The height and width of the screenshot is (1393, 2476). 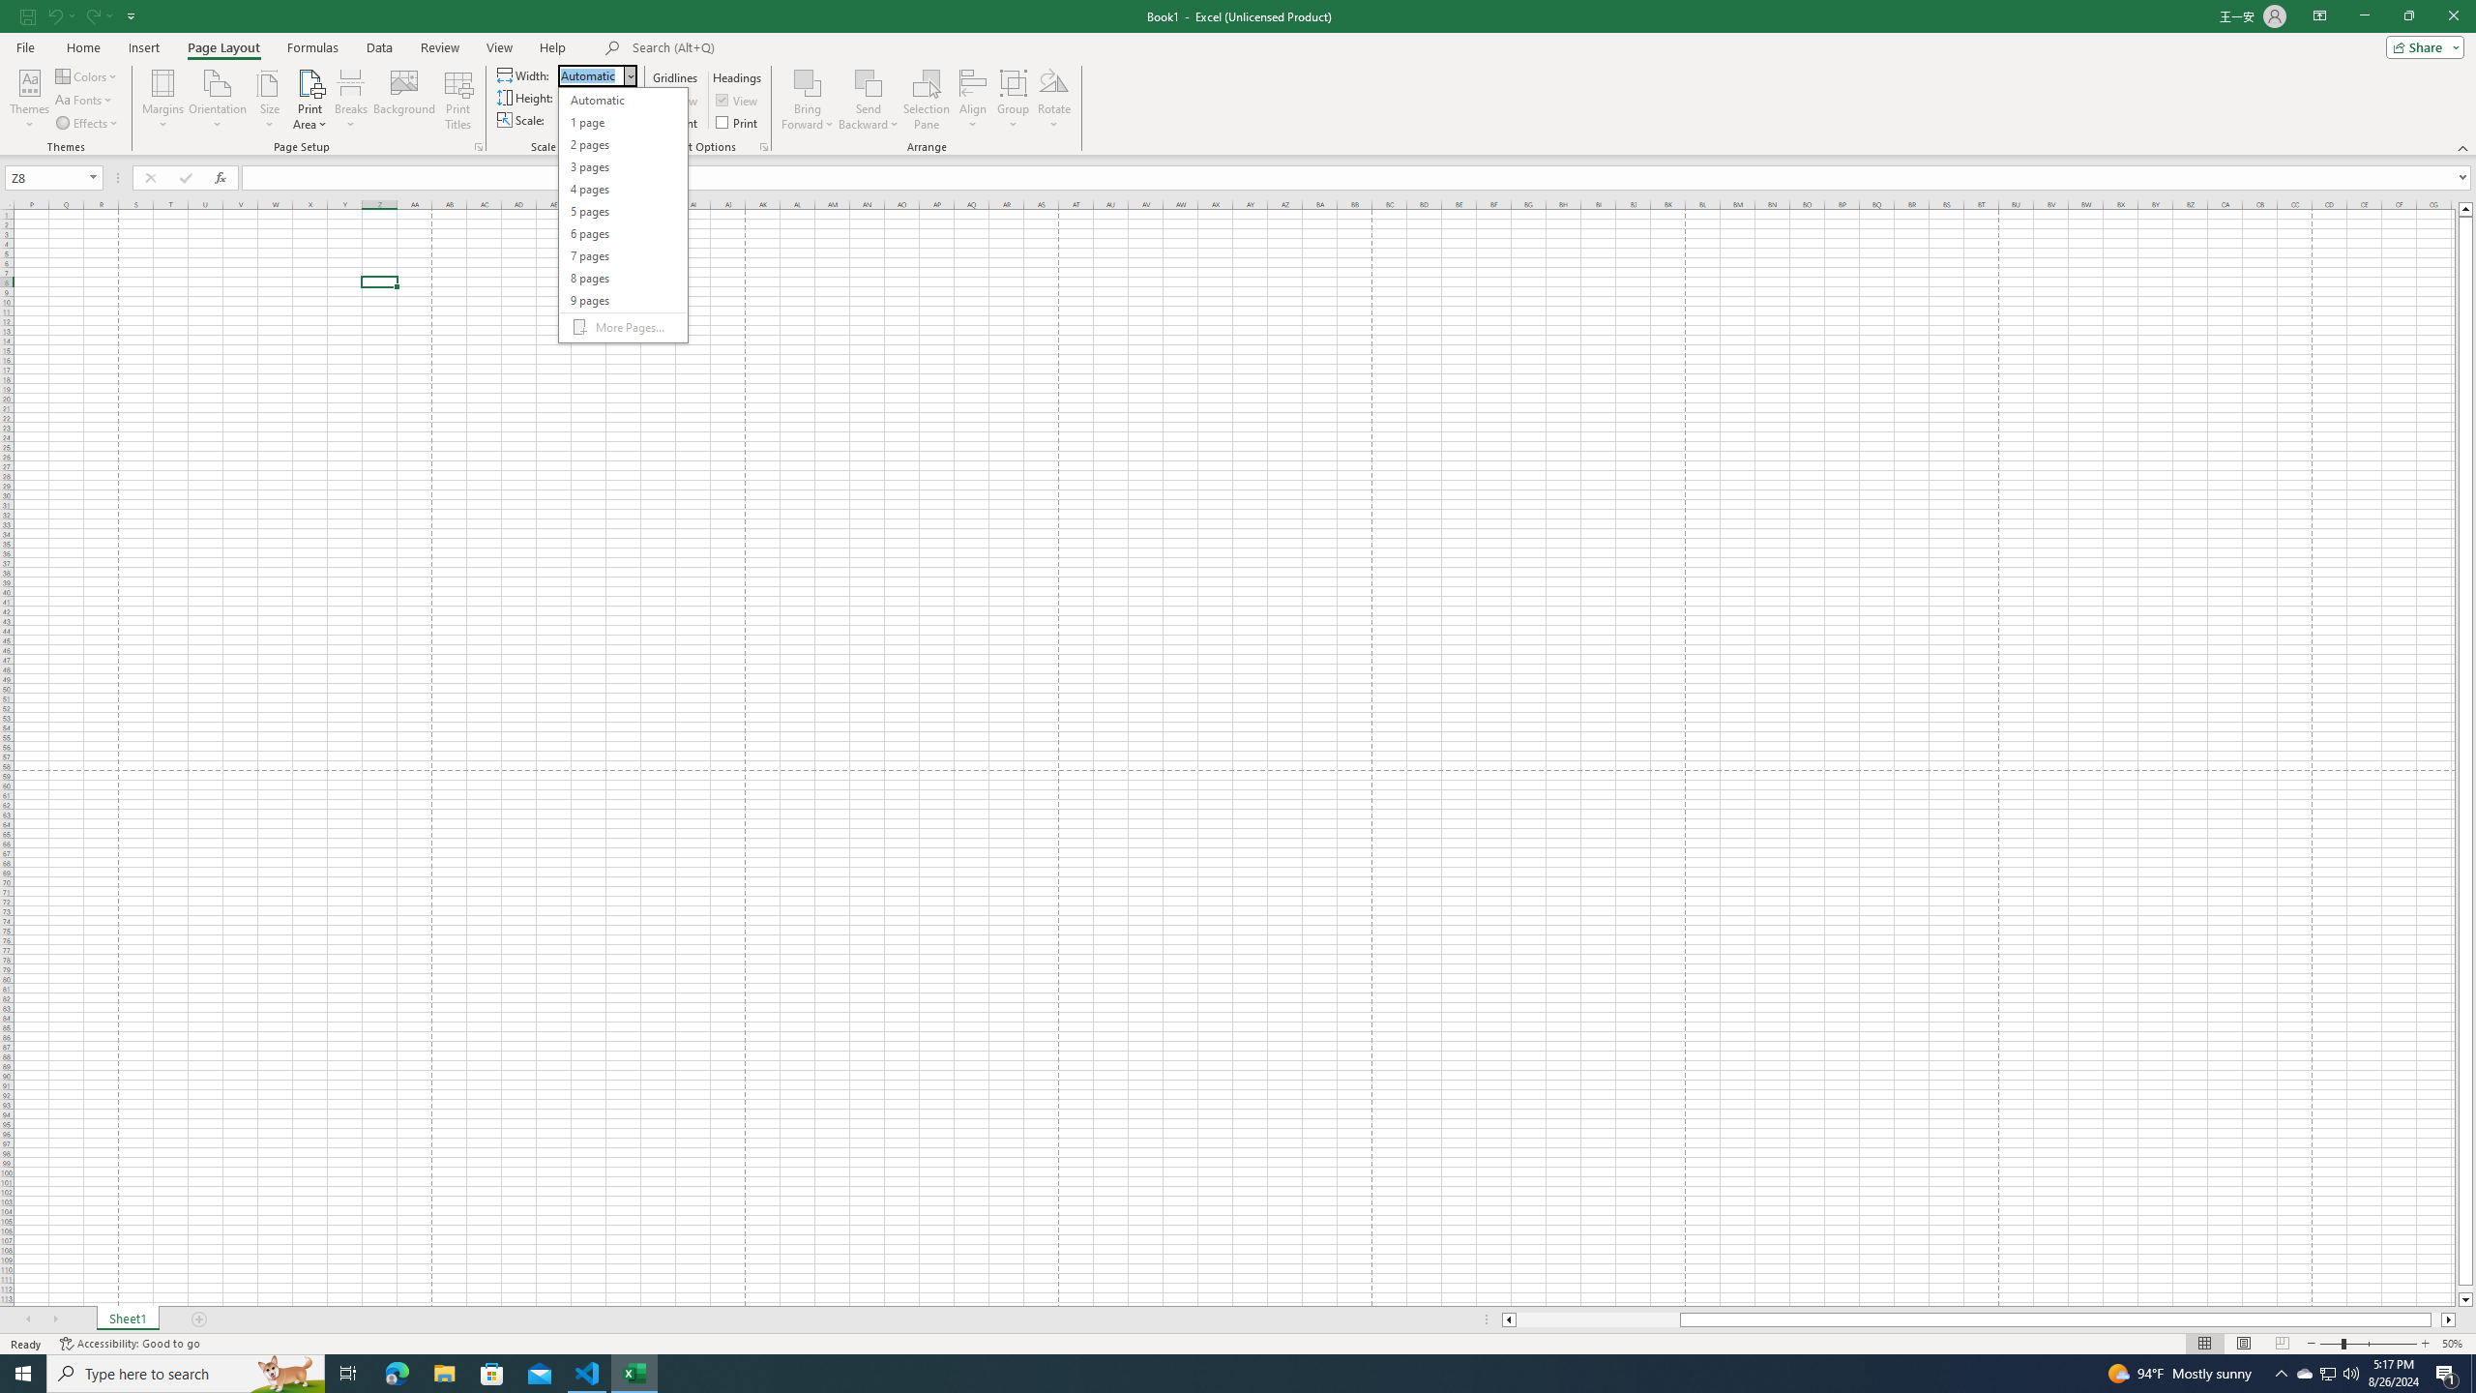 I want to click on 'Quick Access Toolbar', so click(x=79, y=15).